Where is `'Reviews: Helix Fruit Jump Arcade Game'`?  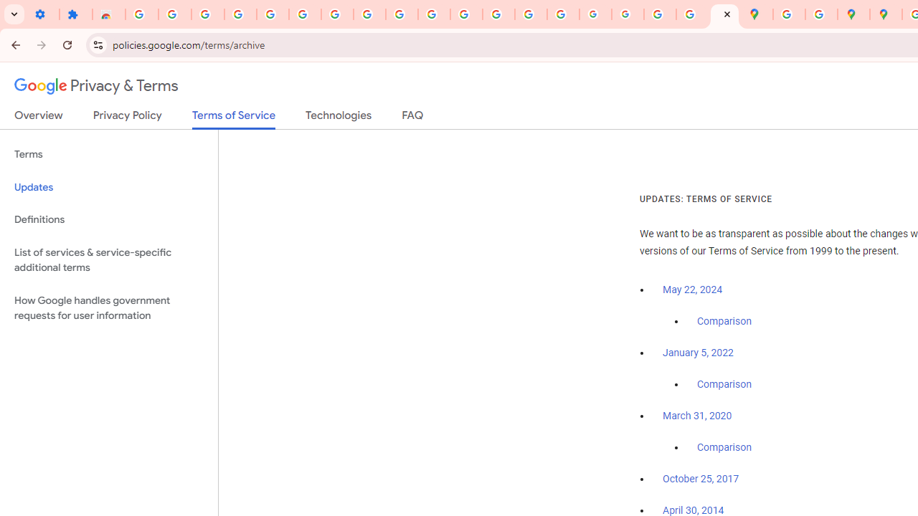
'Reviews: Helix Fruit Jump Arcade Game' is located at coordinates (108, 14).